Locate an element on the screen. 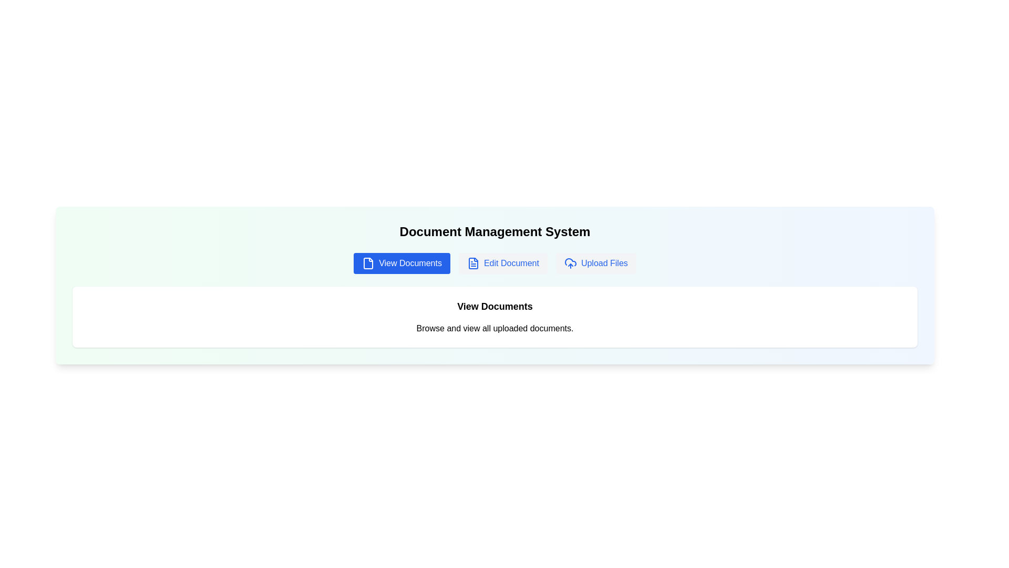 The height and width of the screenshot is (568, 1009). the tab labeled View Documents is located at coordinates (401, 263).